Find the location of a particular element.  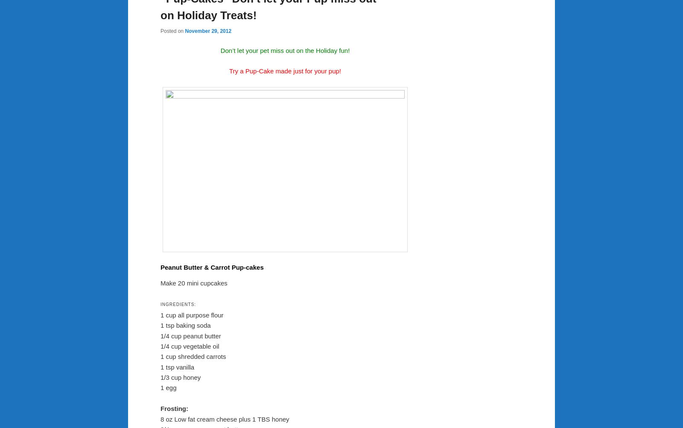

'1 egg' is located at coordinates (168, 387).